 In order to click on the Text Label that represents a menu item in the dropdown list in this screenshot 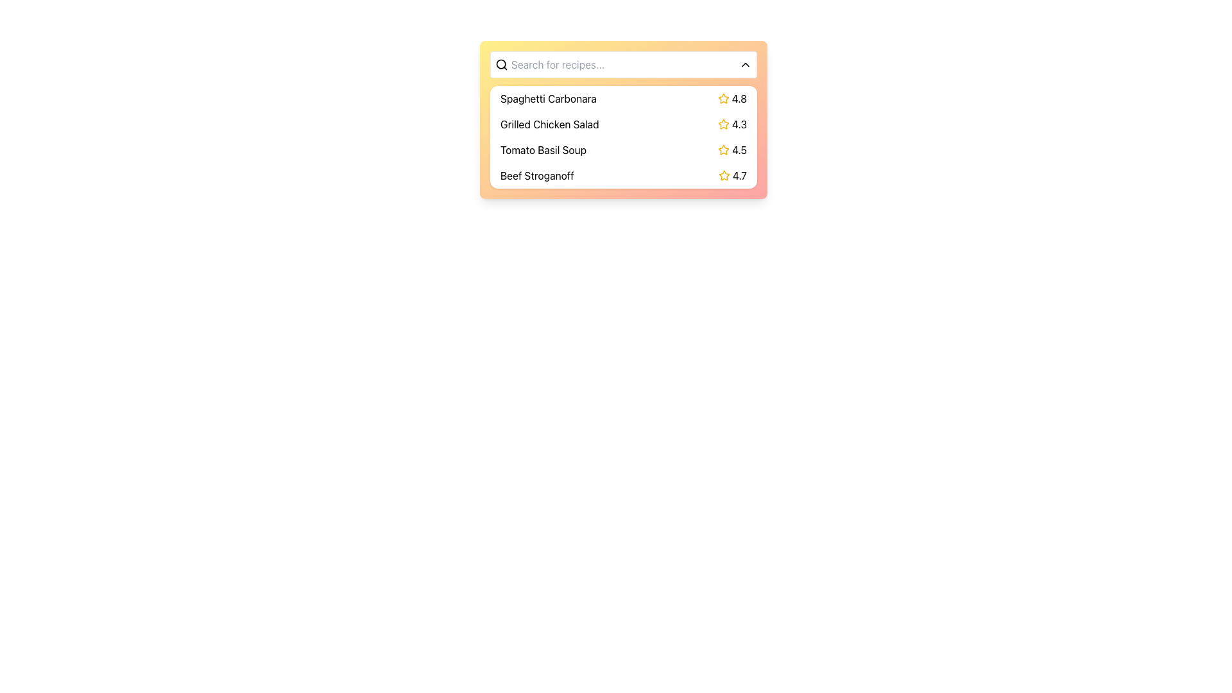, I will do `click(548, 98)`.